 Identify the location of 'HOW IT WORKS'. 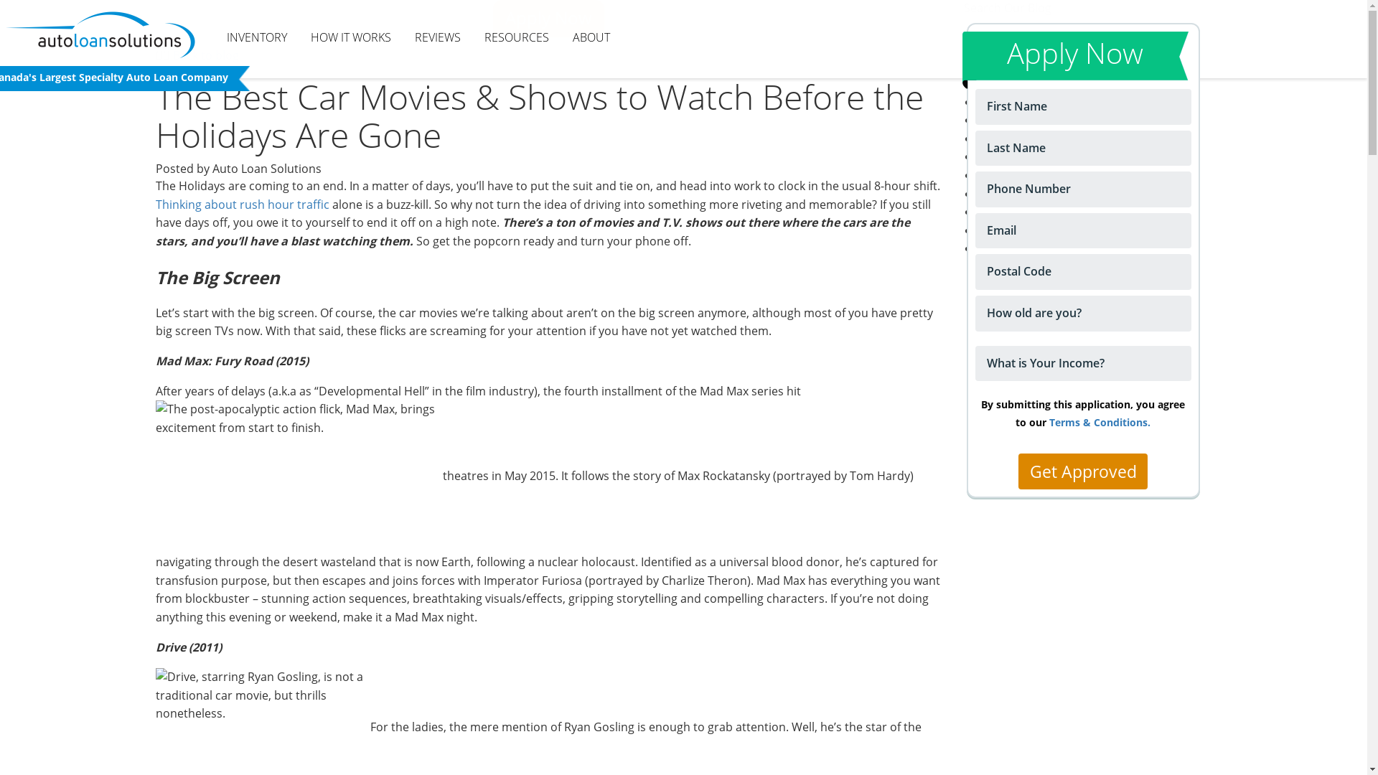
(351, 37).